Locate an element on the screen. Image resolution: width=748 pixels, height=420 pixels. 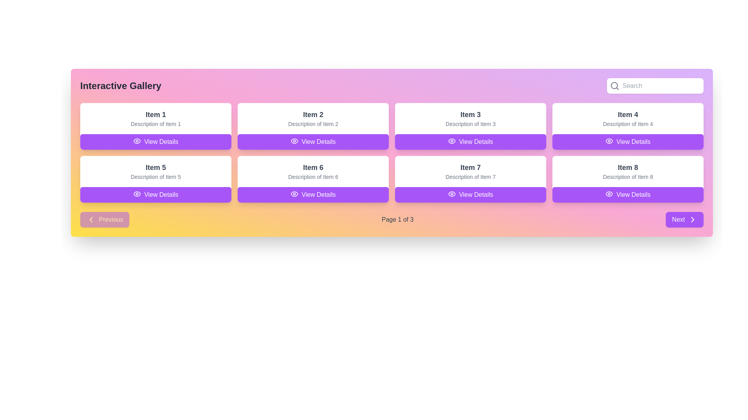
text information from the card titled 'Item 4' located in the top-right region of the grid, which contains the subtitle 'Description of Item 4' is located at coordinates (628, 126).